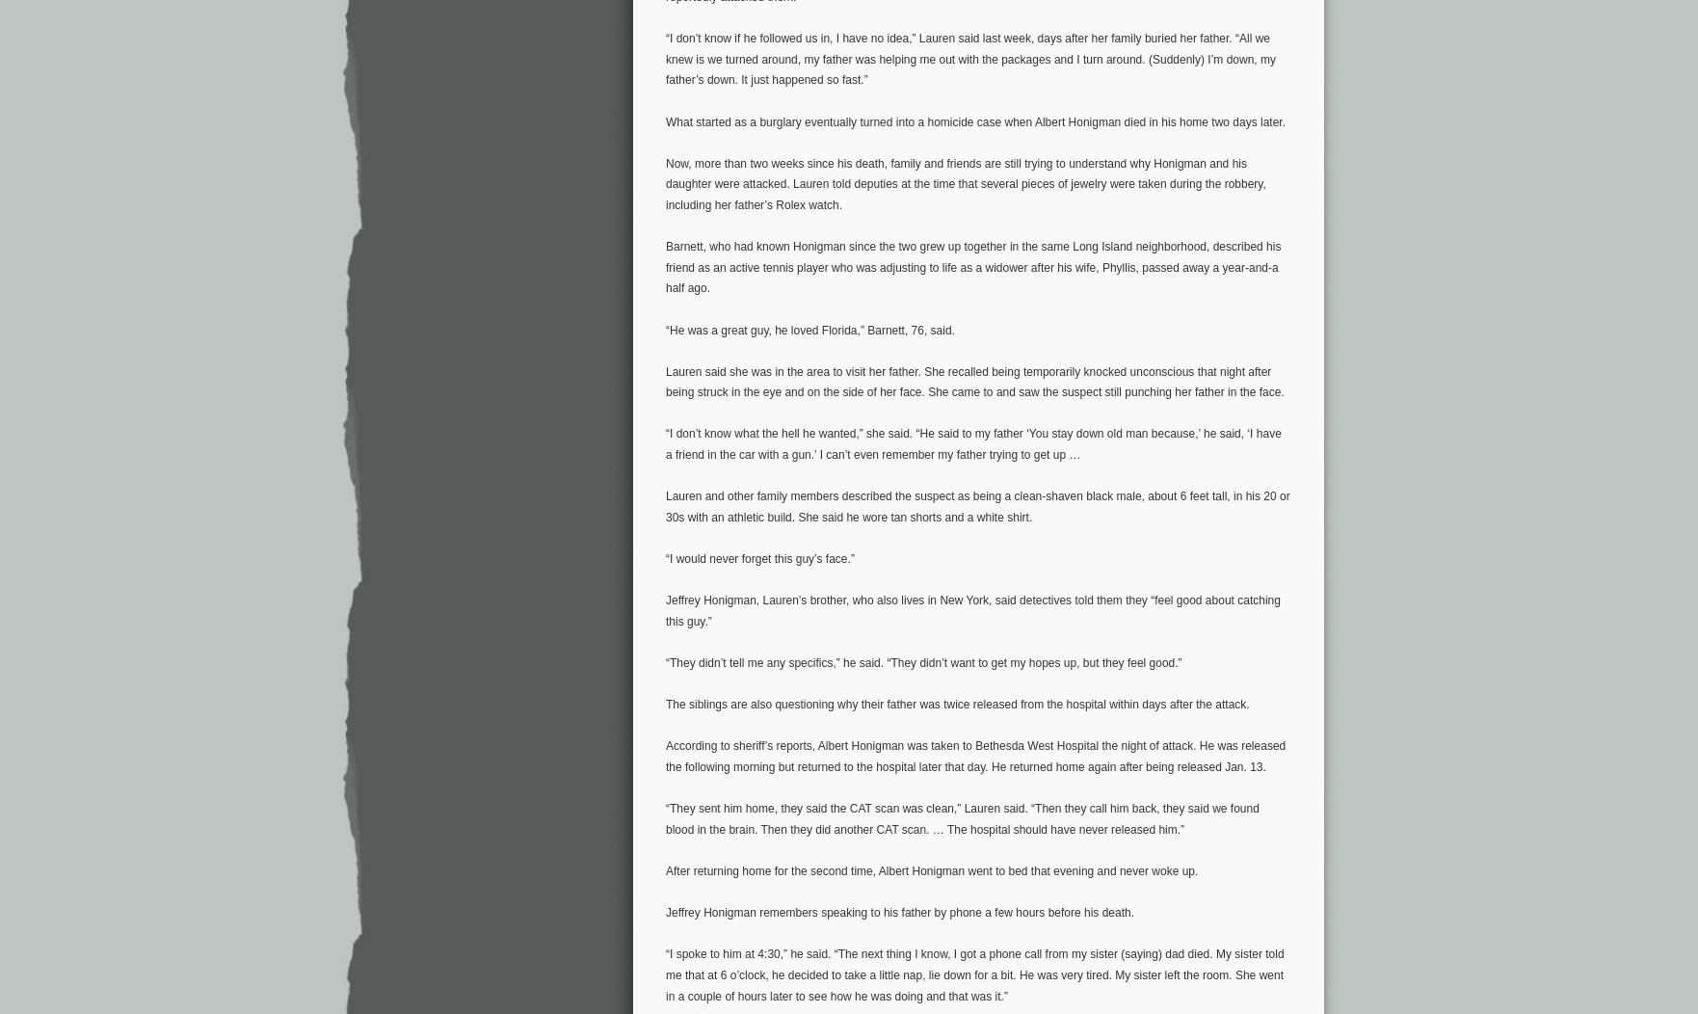  Describe the element at coordinates (758, 557) in the screenshot. I see `'“I would never forget this guy’s face.”'` at that location.